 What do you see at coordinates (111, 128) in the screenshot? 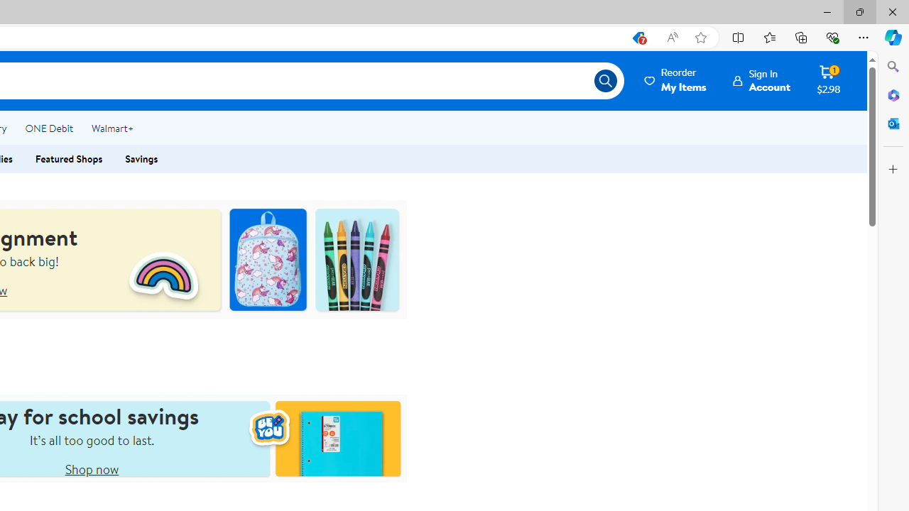
I see `'Walmart+'` at bounding box center [111, 128].